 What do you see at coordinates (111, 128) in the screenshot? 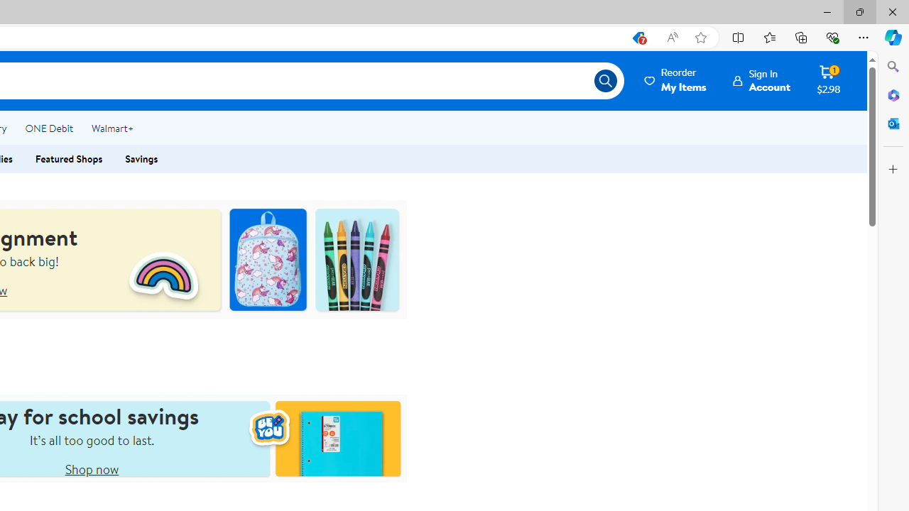
I see `'Walmart+'` at bounding box center [111, 128].